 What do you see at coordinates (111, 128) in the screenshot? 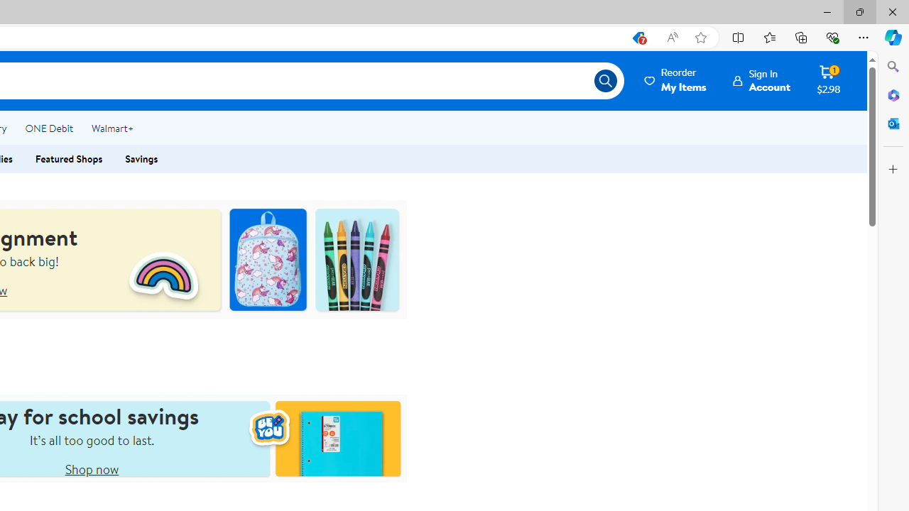
I see `'Walmart+'` at bounding box center [111, 128].